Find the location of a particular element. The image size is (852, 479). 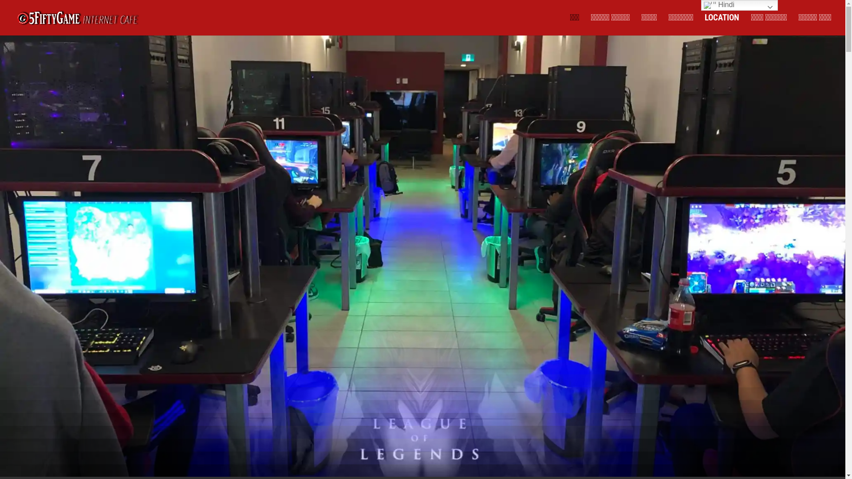

'Hindi' is located at coordinates (739, 5).